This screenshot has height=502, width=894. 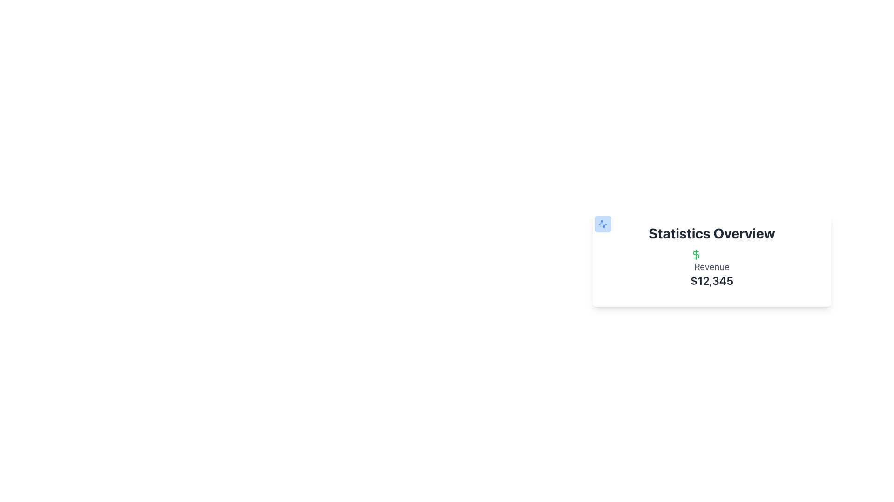 What do you see at coordinates (711, 269) in the screenshot?
I see `the TextBlock displaying financial revenue information with the green dollar sign and amount '$12,345', located in the 'Statistics Overview' box` at bounding box center [711, 269].